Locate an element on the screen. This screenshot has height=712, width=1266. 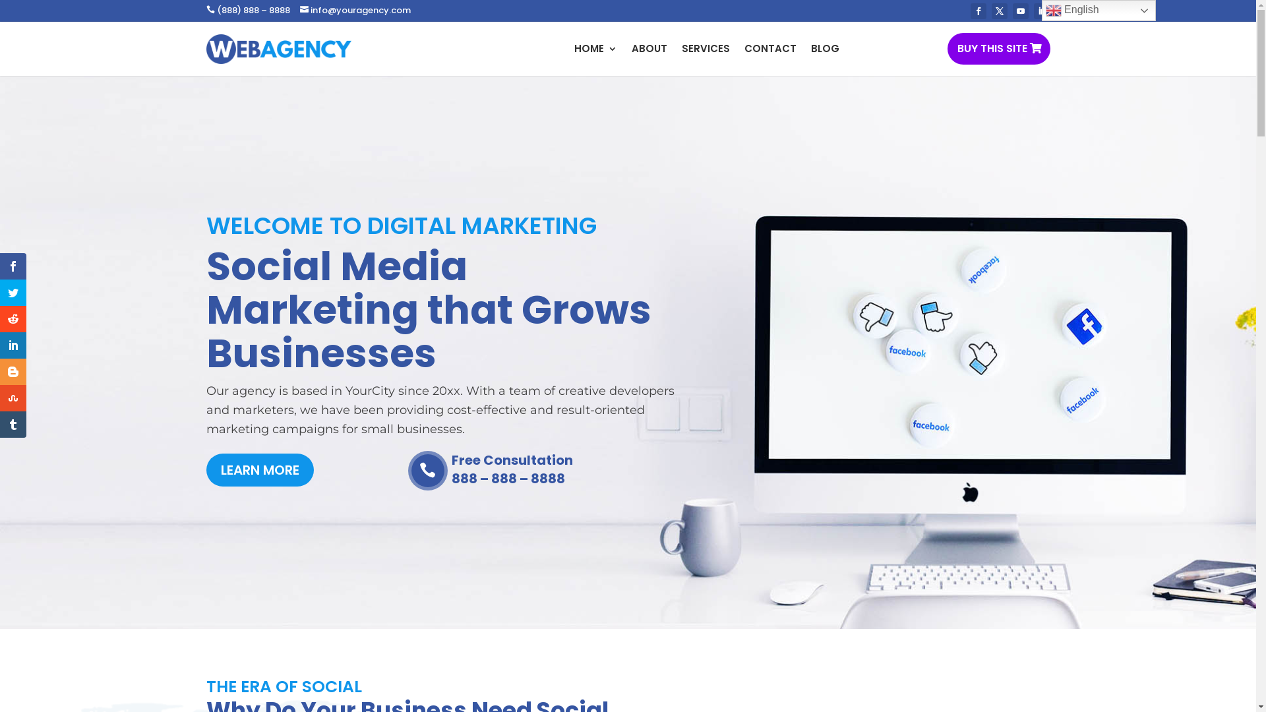
'CONTACT' is located at coordinates (769, 47).